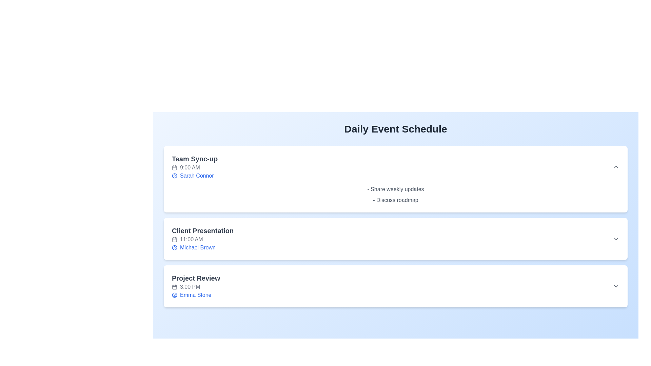 The image size is (651, 366). Describe the element at coordinates (174, 295) in the screenshot. I see `the graphical icon (circle) that visually represents the user avatar located to the left of the 'Emma Stone' text within the 'Project Review' card` at that location.